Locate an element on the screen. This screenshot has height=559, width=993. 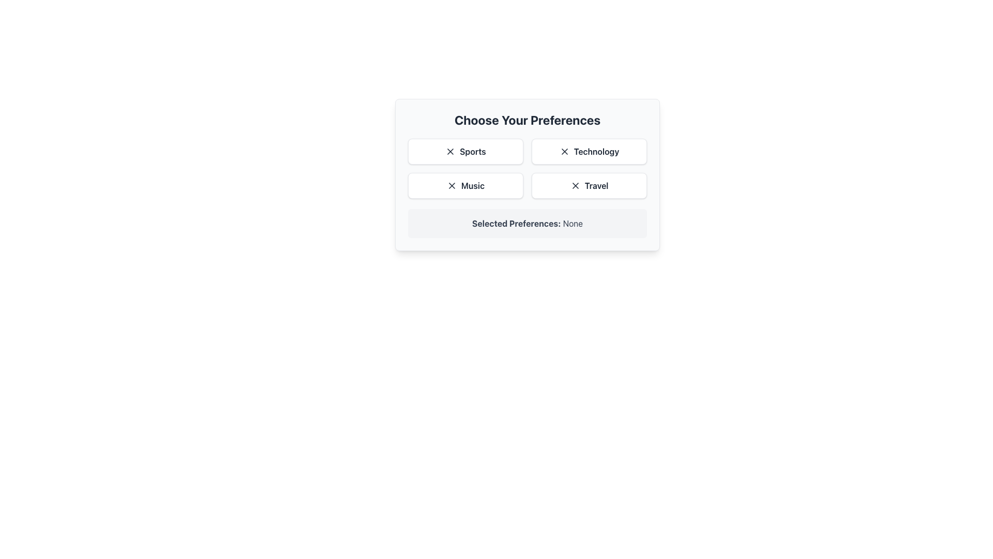
the 'Music' preference button using keyboard navigation is located at coordinates (465, 185).